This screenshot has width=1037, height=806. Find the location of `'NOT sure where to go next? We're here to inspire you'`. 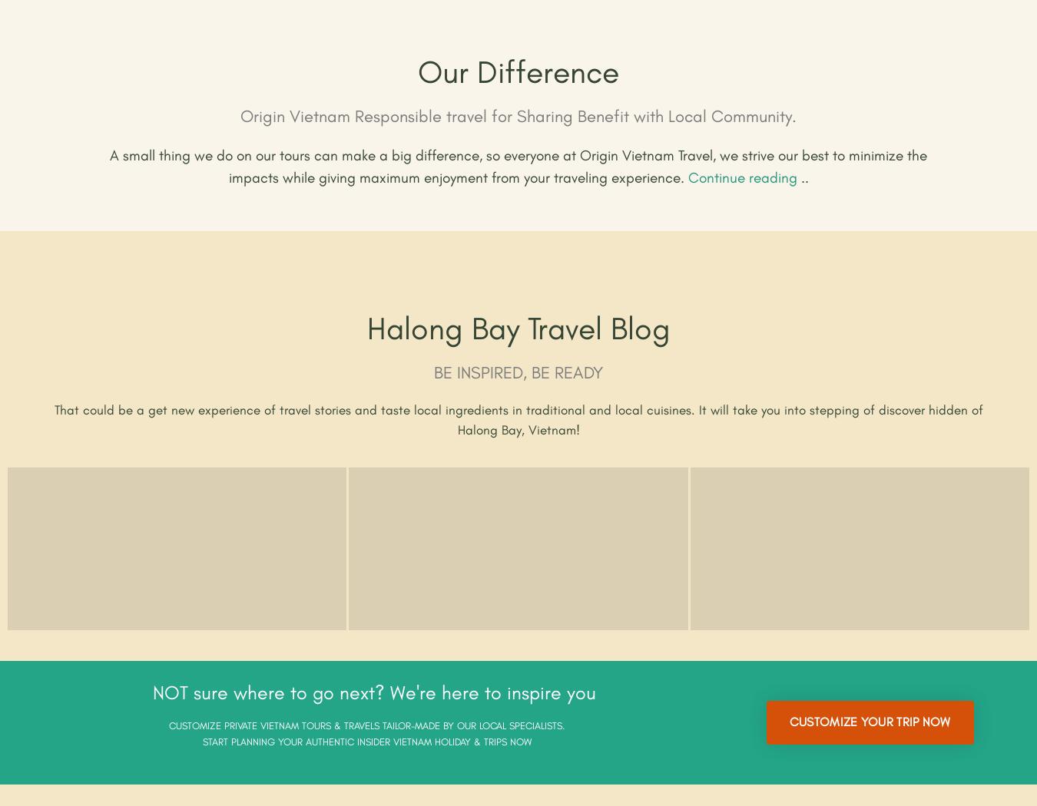

'NOT sure where to go next? We're here to inspire you' is located at coordinates (373, 692).